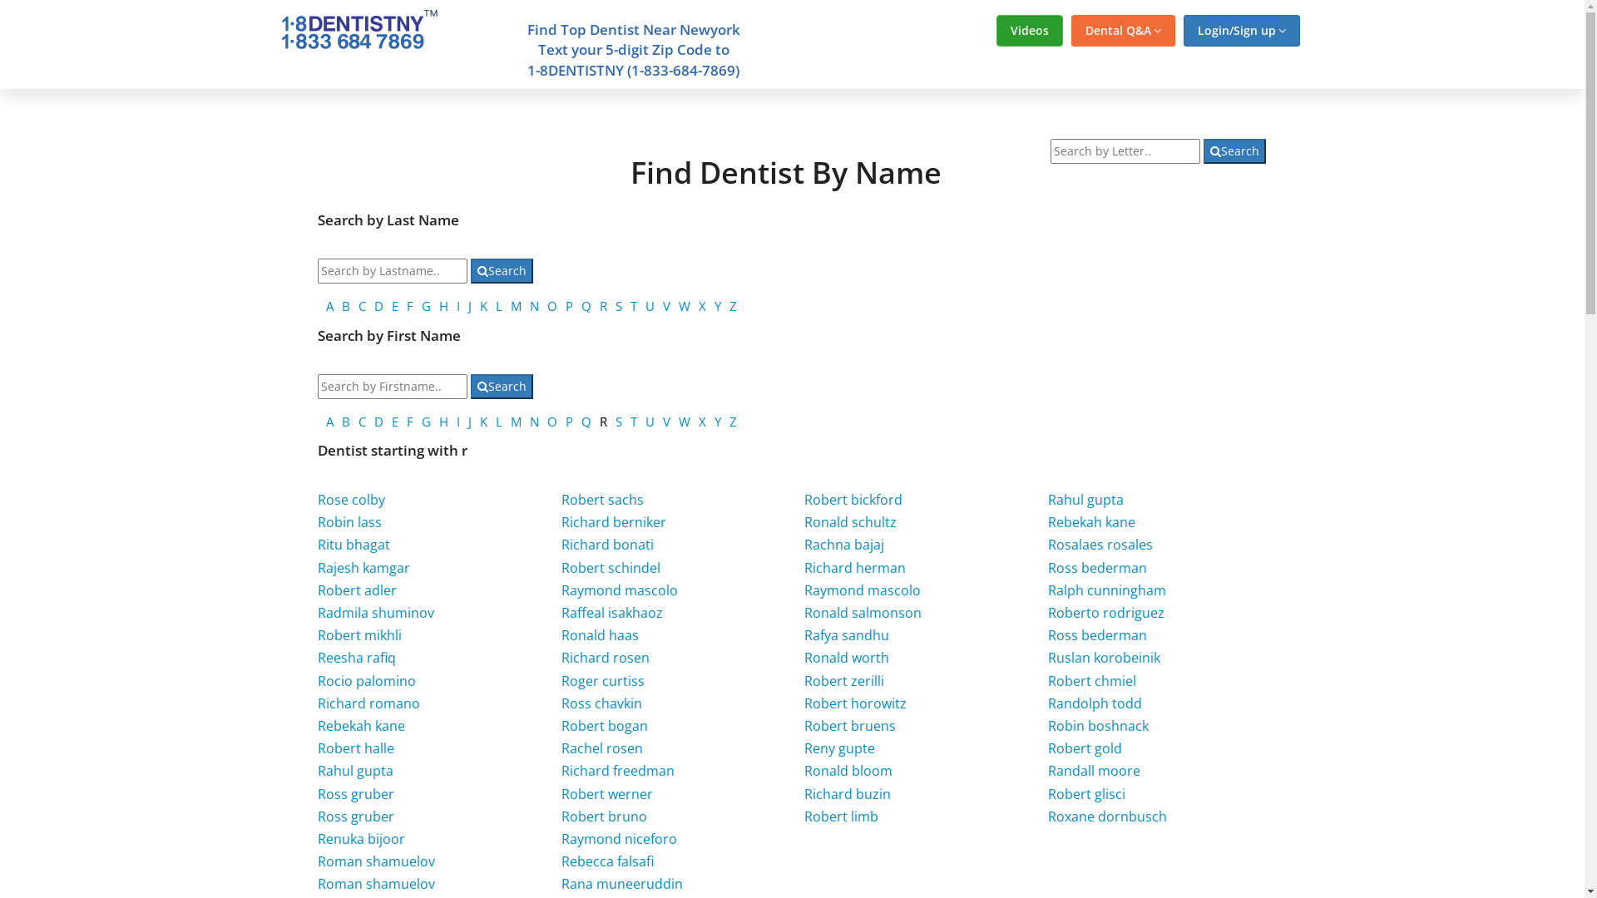  I want to click on 'Robert sachs', so click(601, 499).